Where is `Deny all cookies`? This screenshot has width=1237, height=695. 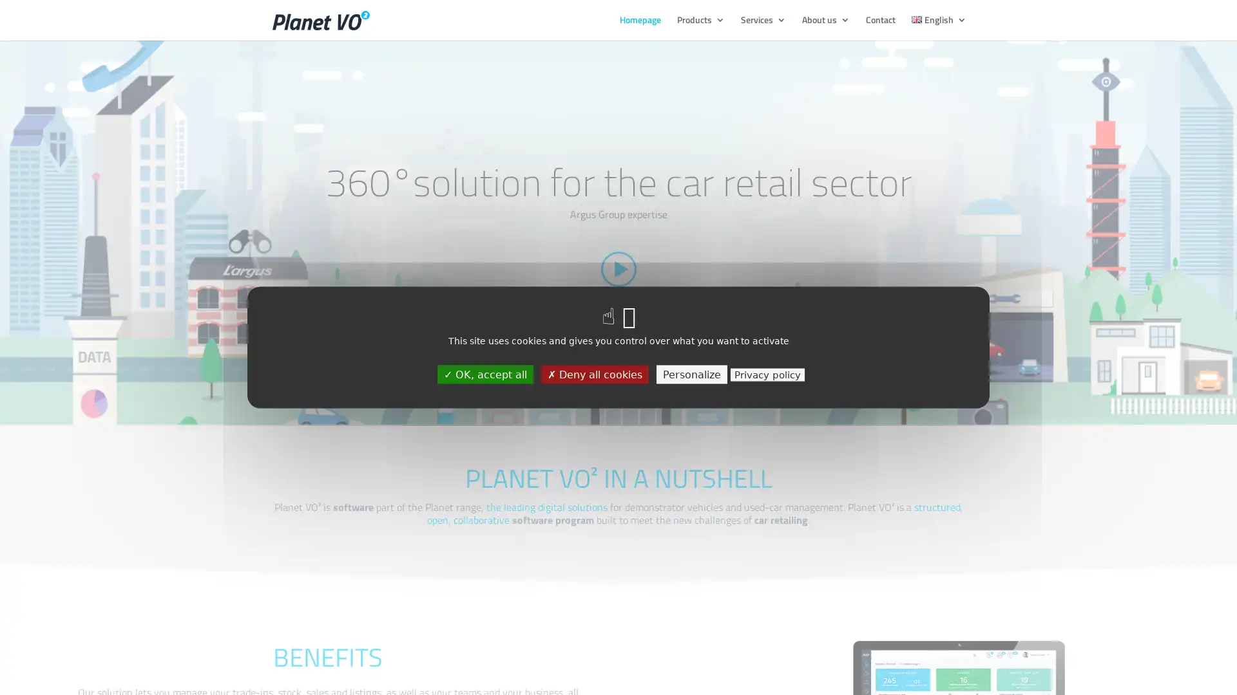
Deny all cookies is located at coordinates (593, 374).